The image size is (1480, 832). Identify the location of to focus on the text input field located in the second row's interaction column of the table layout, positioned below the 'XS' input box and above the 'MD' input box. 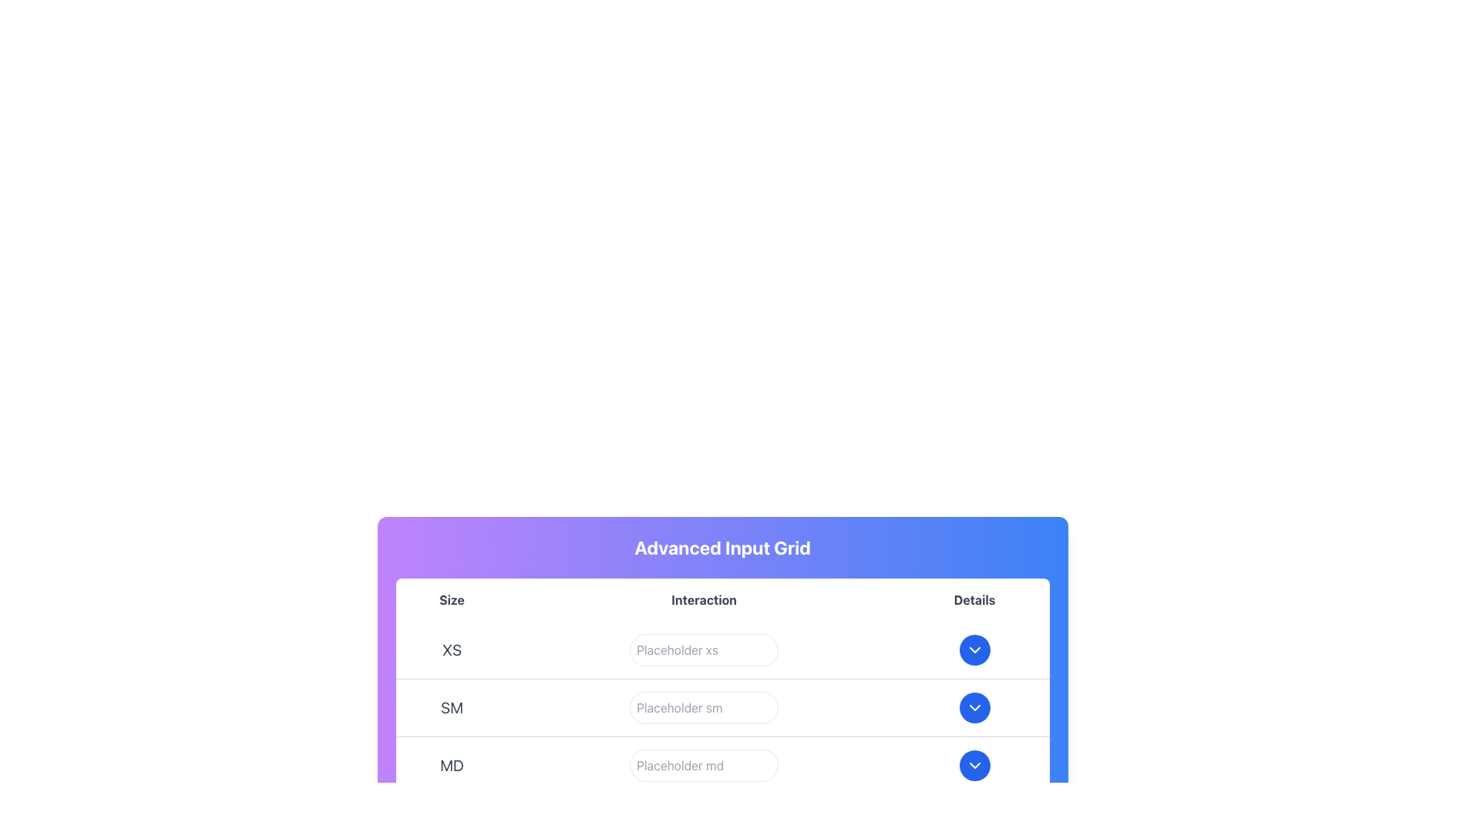
(703, 707).